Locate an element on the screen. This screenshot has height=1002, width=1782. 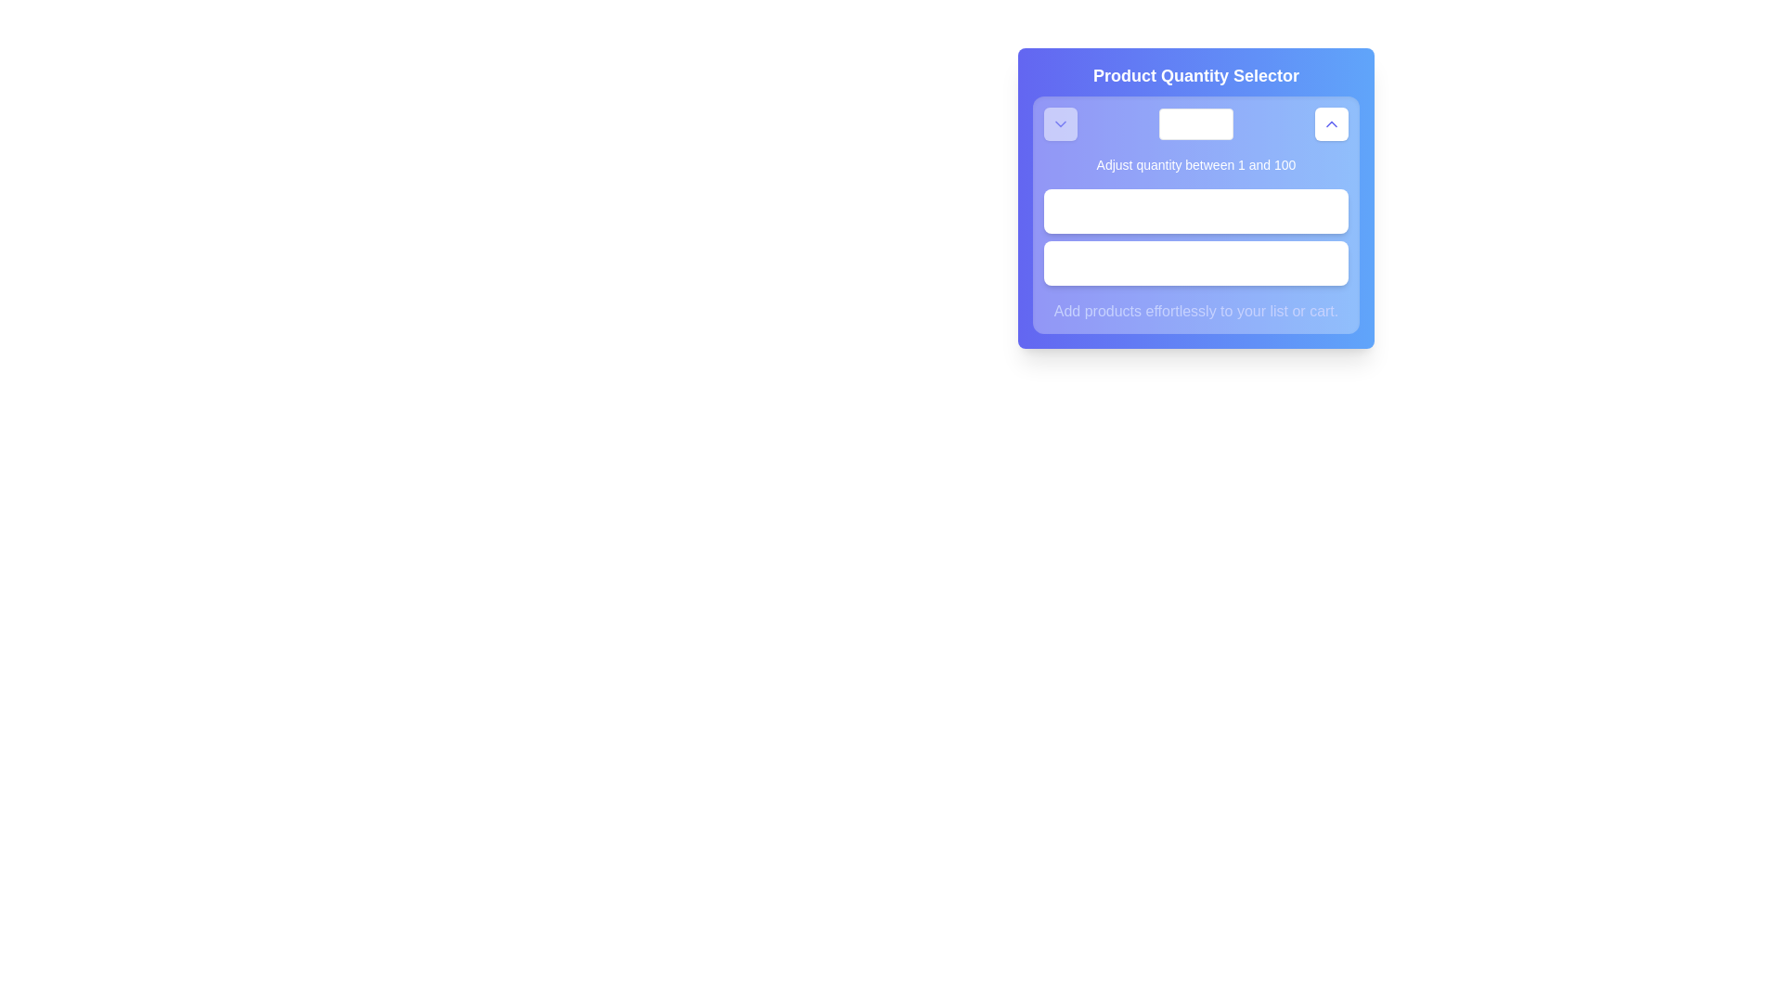
the quantity is located at coordinates (1175, 210).